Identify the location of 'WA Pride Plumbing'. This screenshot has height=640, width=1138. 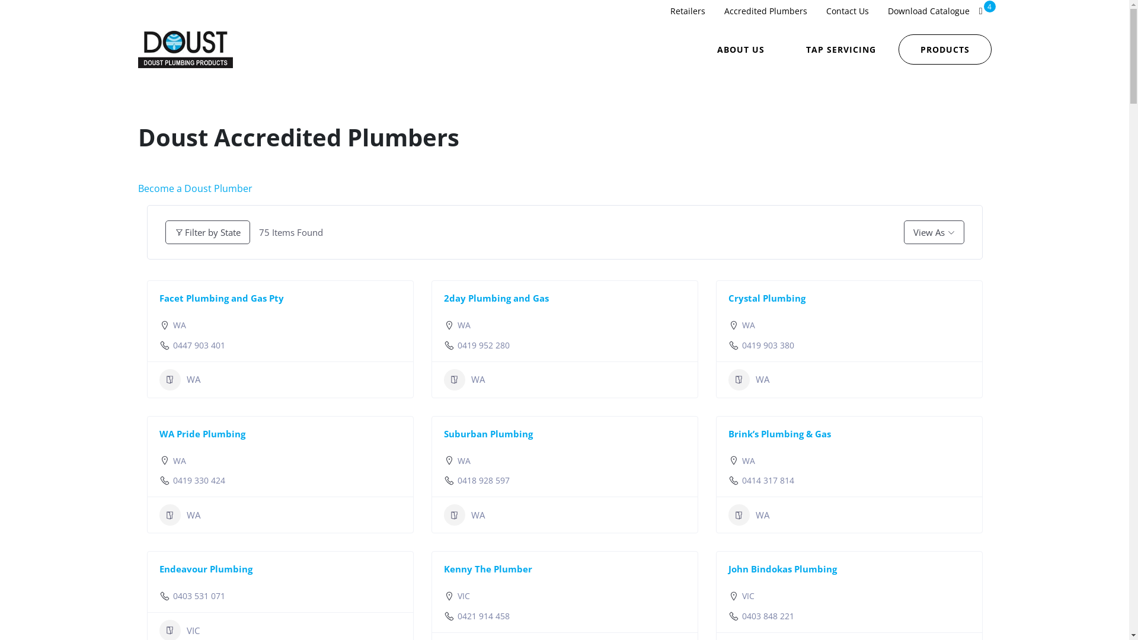
(202, 434).